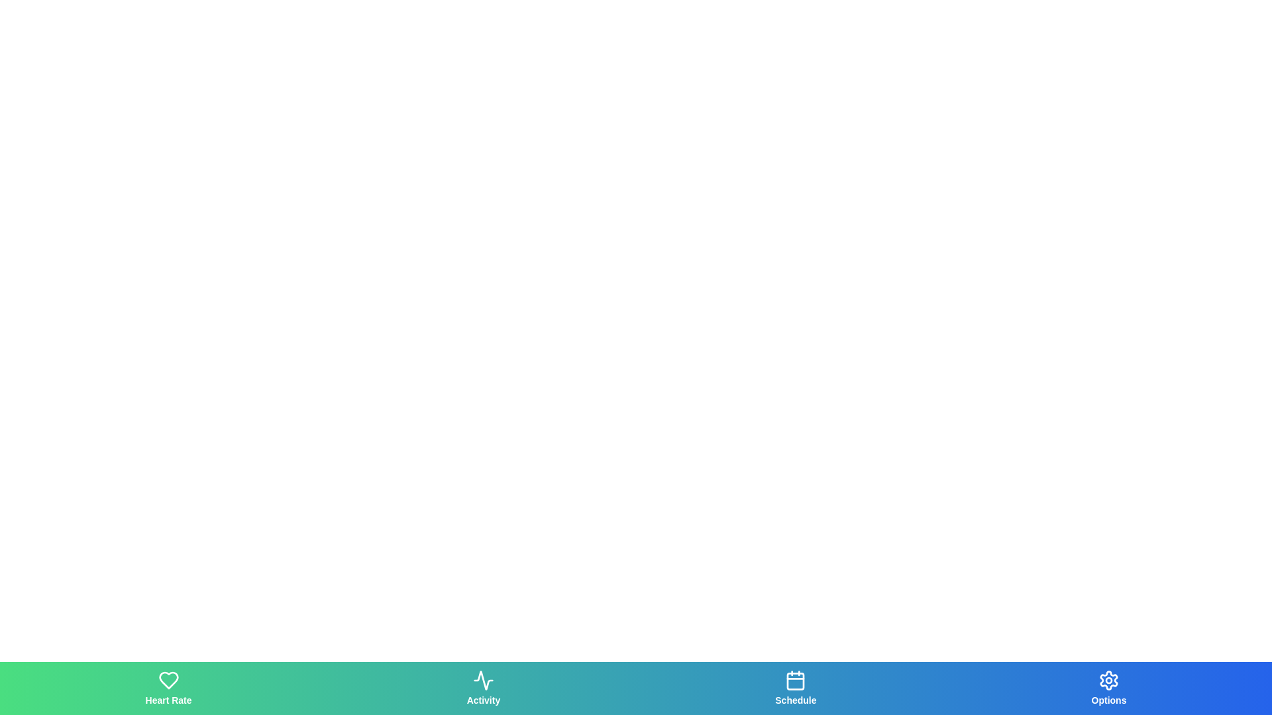 This screenshot has width=1272, height=715. I want to click on the tab labeled Schedule to observe its hover effects, so click(795, 688).